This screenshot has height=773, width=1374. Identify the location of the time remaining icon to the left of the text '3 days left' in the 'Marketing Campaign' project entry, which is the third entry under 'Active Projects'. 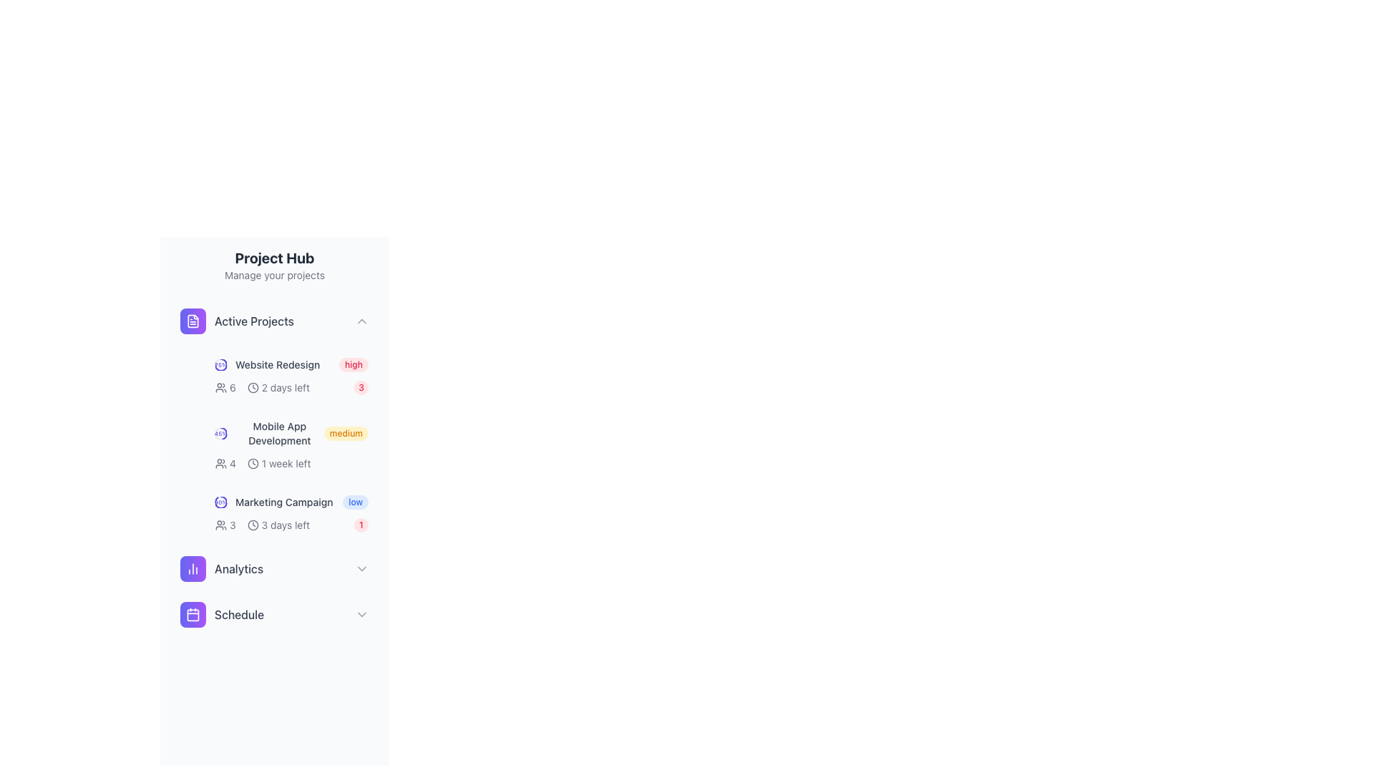
(253, 525).